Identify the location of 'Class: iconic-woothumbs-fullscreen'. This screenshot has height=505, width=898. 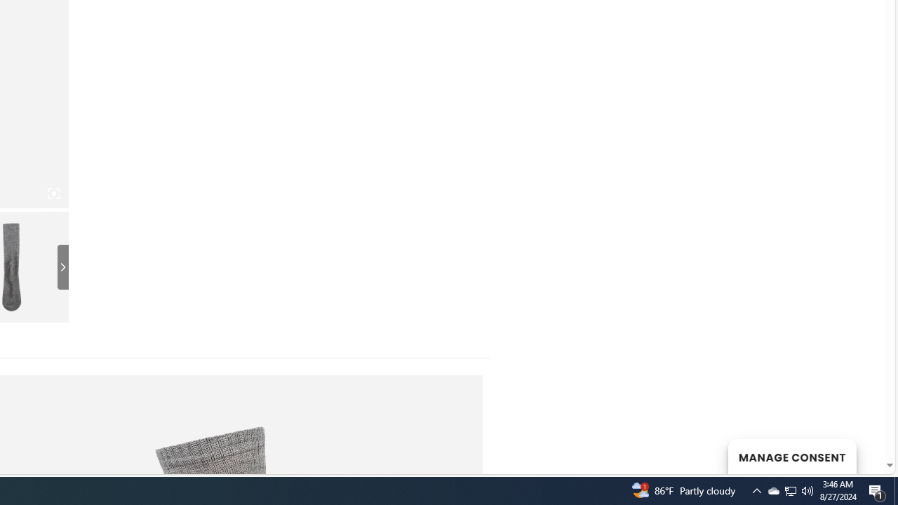
(53, 194).